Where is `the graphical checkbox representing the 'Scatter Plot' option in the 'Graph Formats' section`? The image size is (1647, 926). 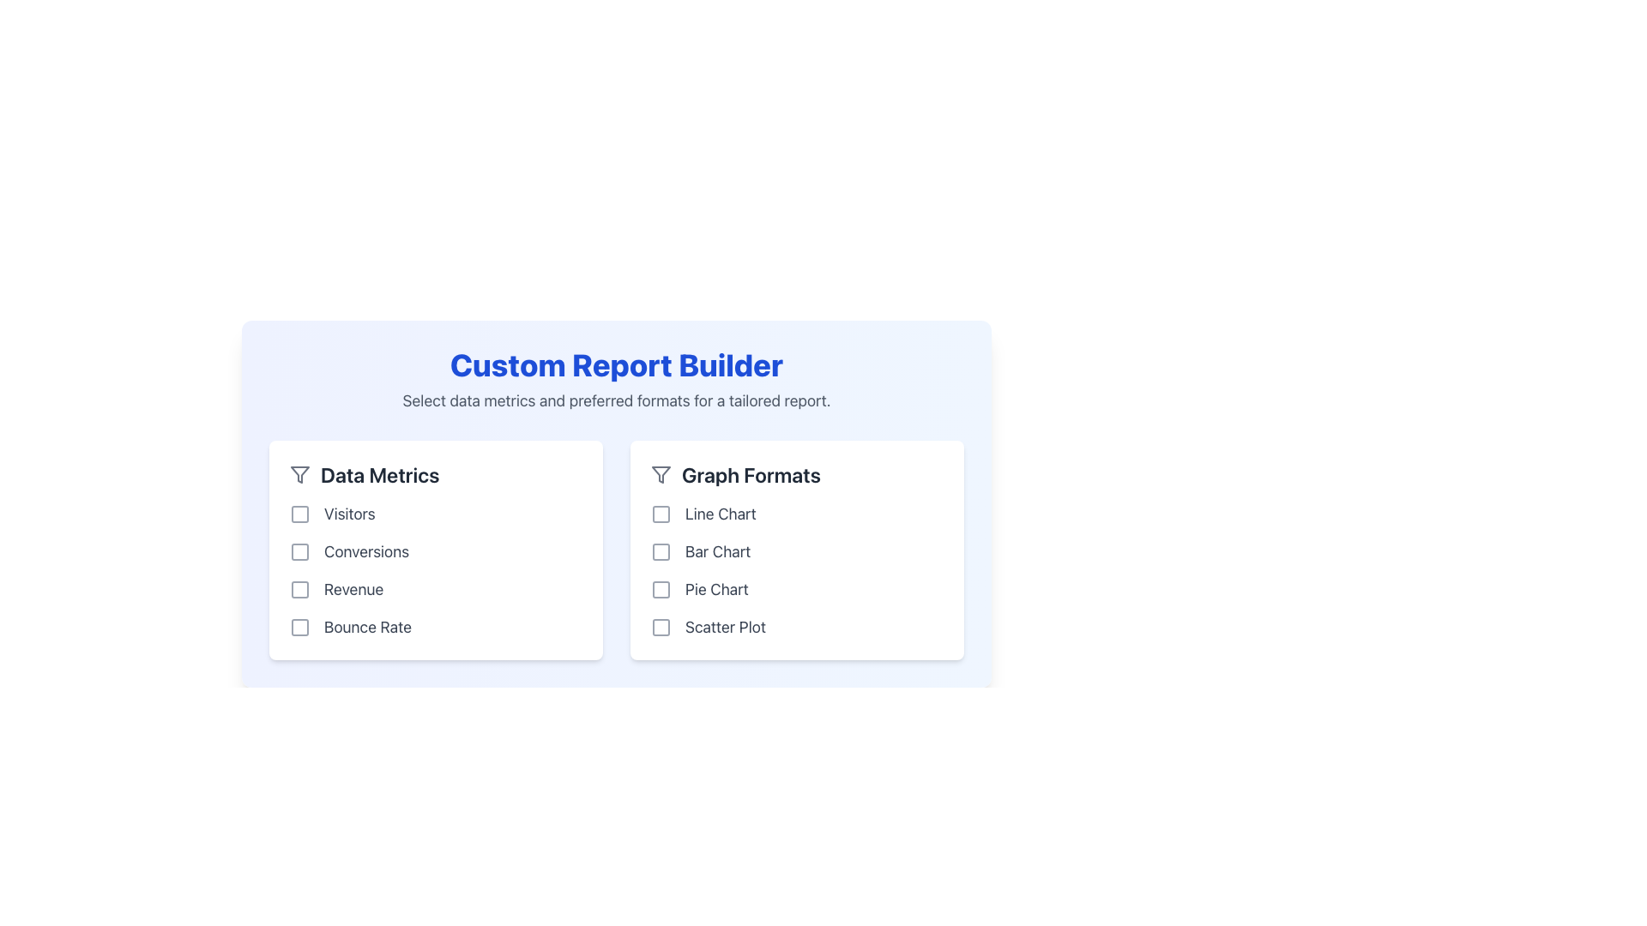 the graphical checkbox representing the 'Scatter Plot' option in the 'Graph Formats' section is located at coordinates (661, 628).